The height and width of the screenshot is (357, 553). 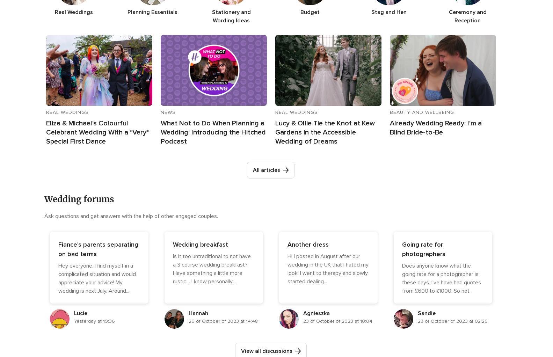 I want to click on 'Beauty and Wellbeing', so click(x=421, y=111).